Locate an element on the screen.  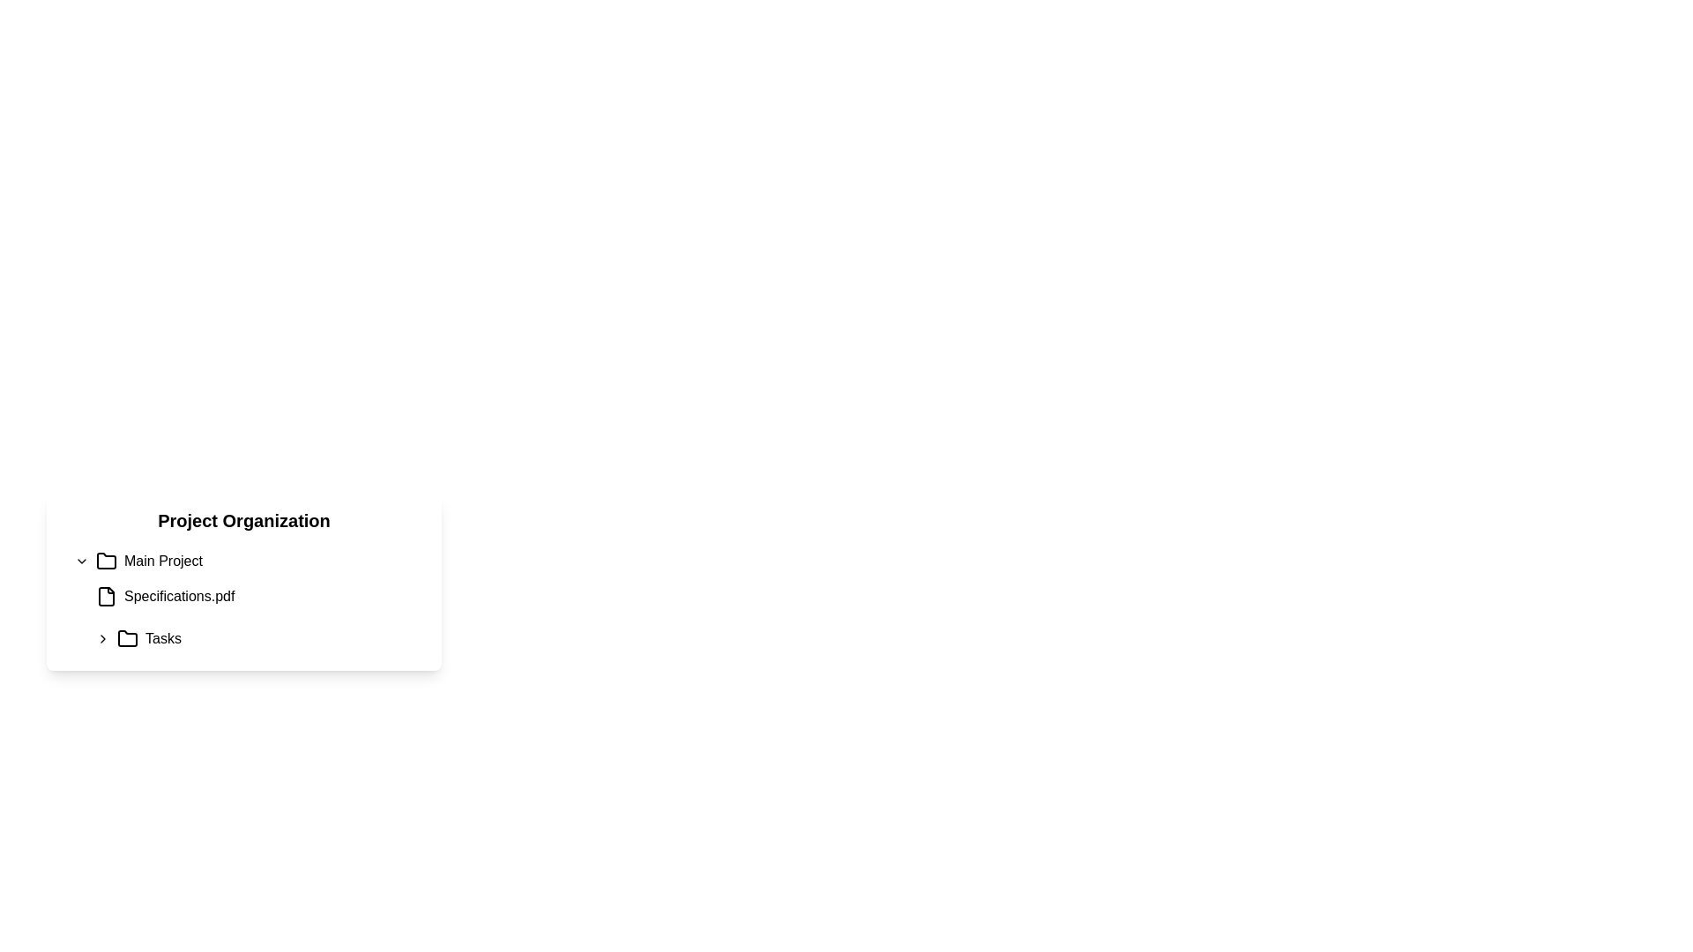
the 'Main Project' expandable folder label at the top of the list for keyboard navigation is located at coordinates (247, 561).